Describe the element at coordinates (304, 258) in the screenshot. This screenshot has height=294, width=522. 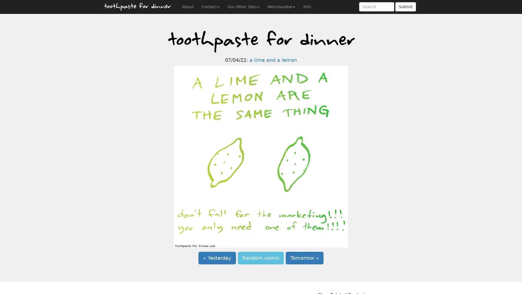
I see `Tomorrow` at that location.